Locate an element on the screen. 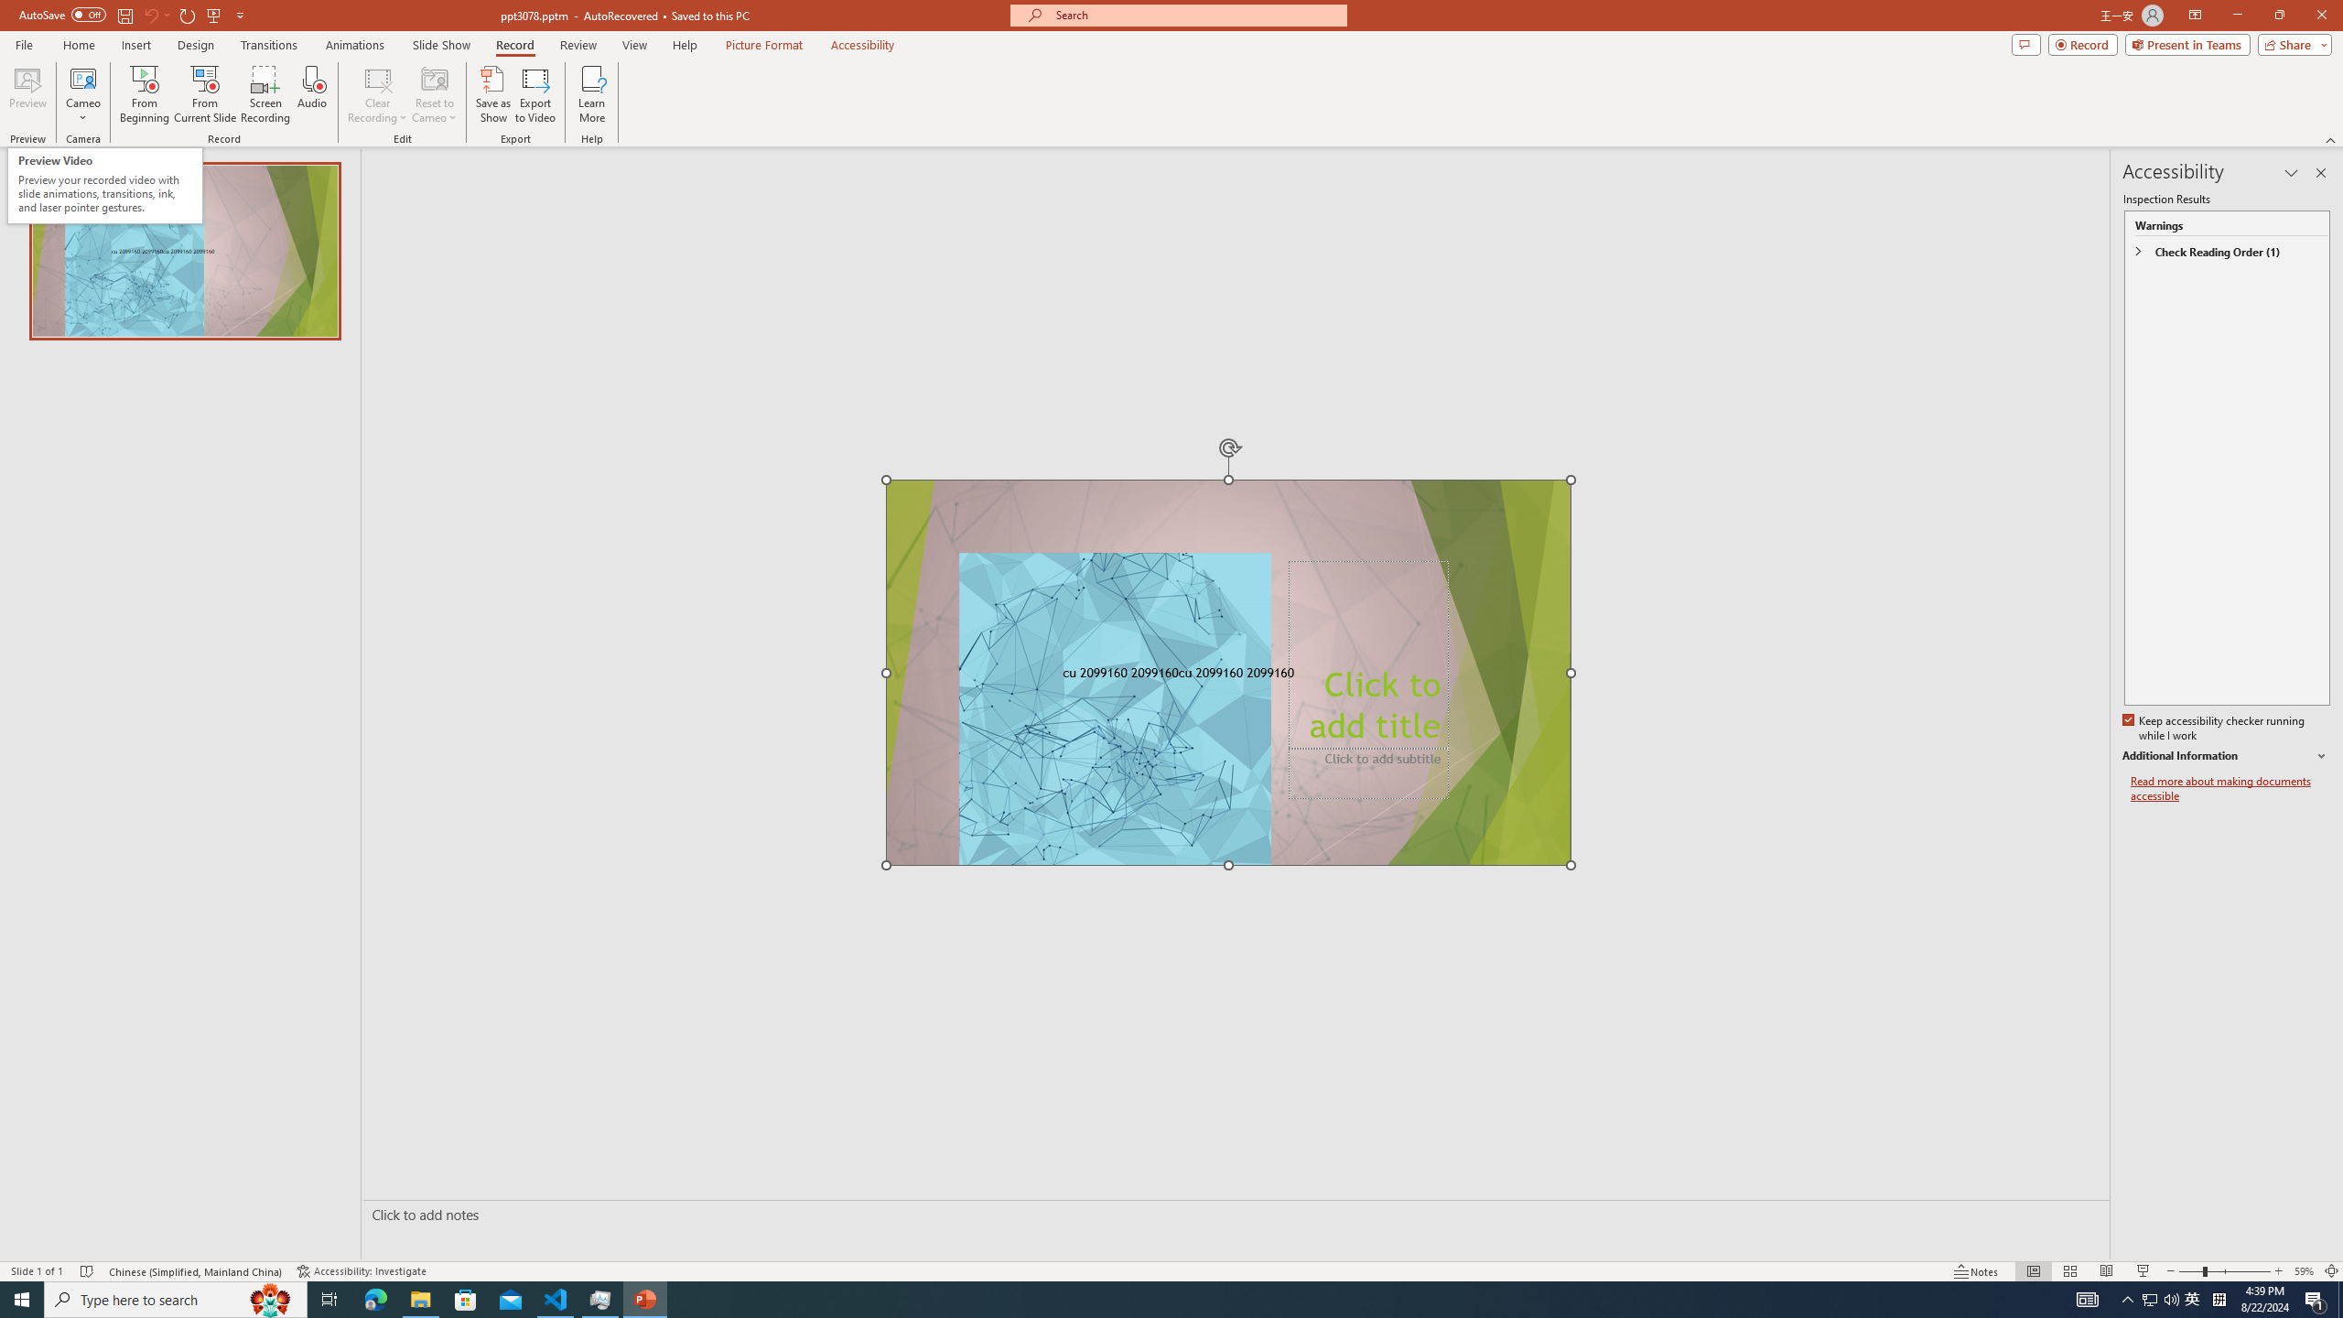  'Zoom 59%' is located at coordinates (2303, 1271).